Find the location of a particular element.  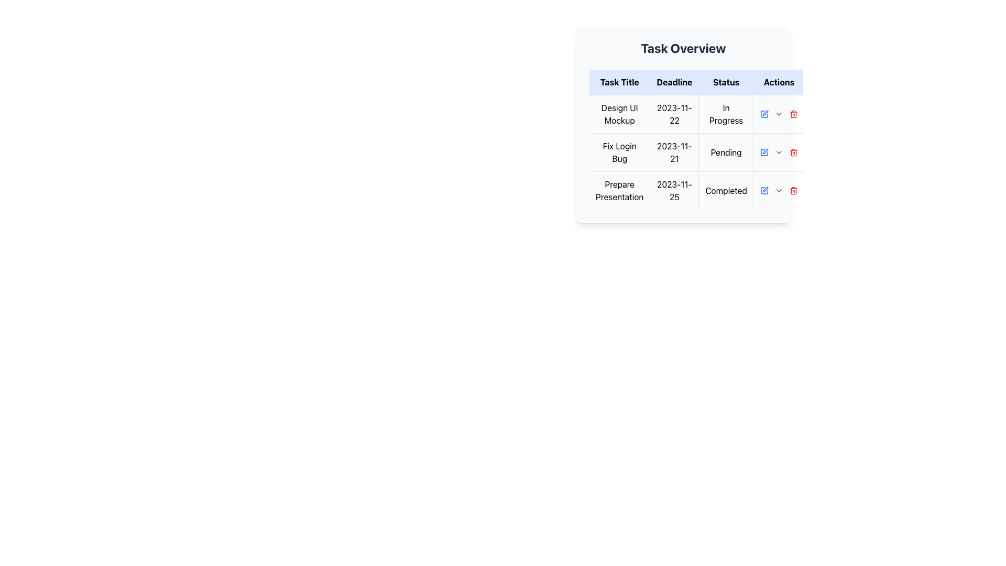

the red trash bin icon button located in the Actions column of the third row in the table is located at coordinates (794, 190).